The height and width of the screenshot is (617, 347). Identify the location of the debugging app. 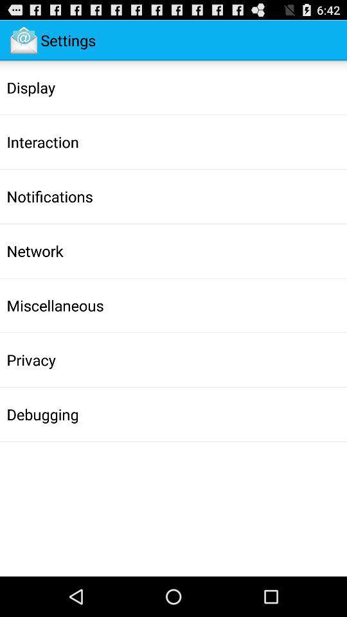
(42, 413).